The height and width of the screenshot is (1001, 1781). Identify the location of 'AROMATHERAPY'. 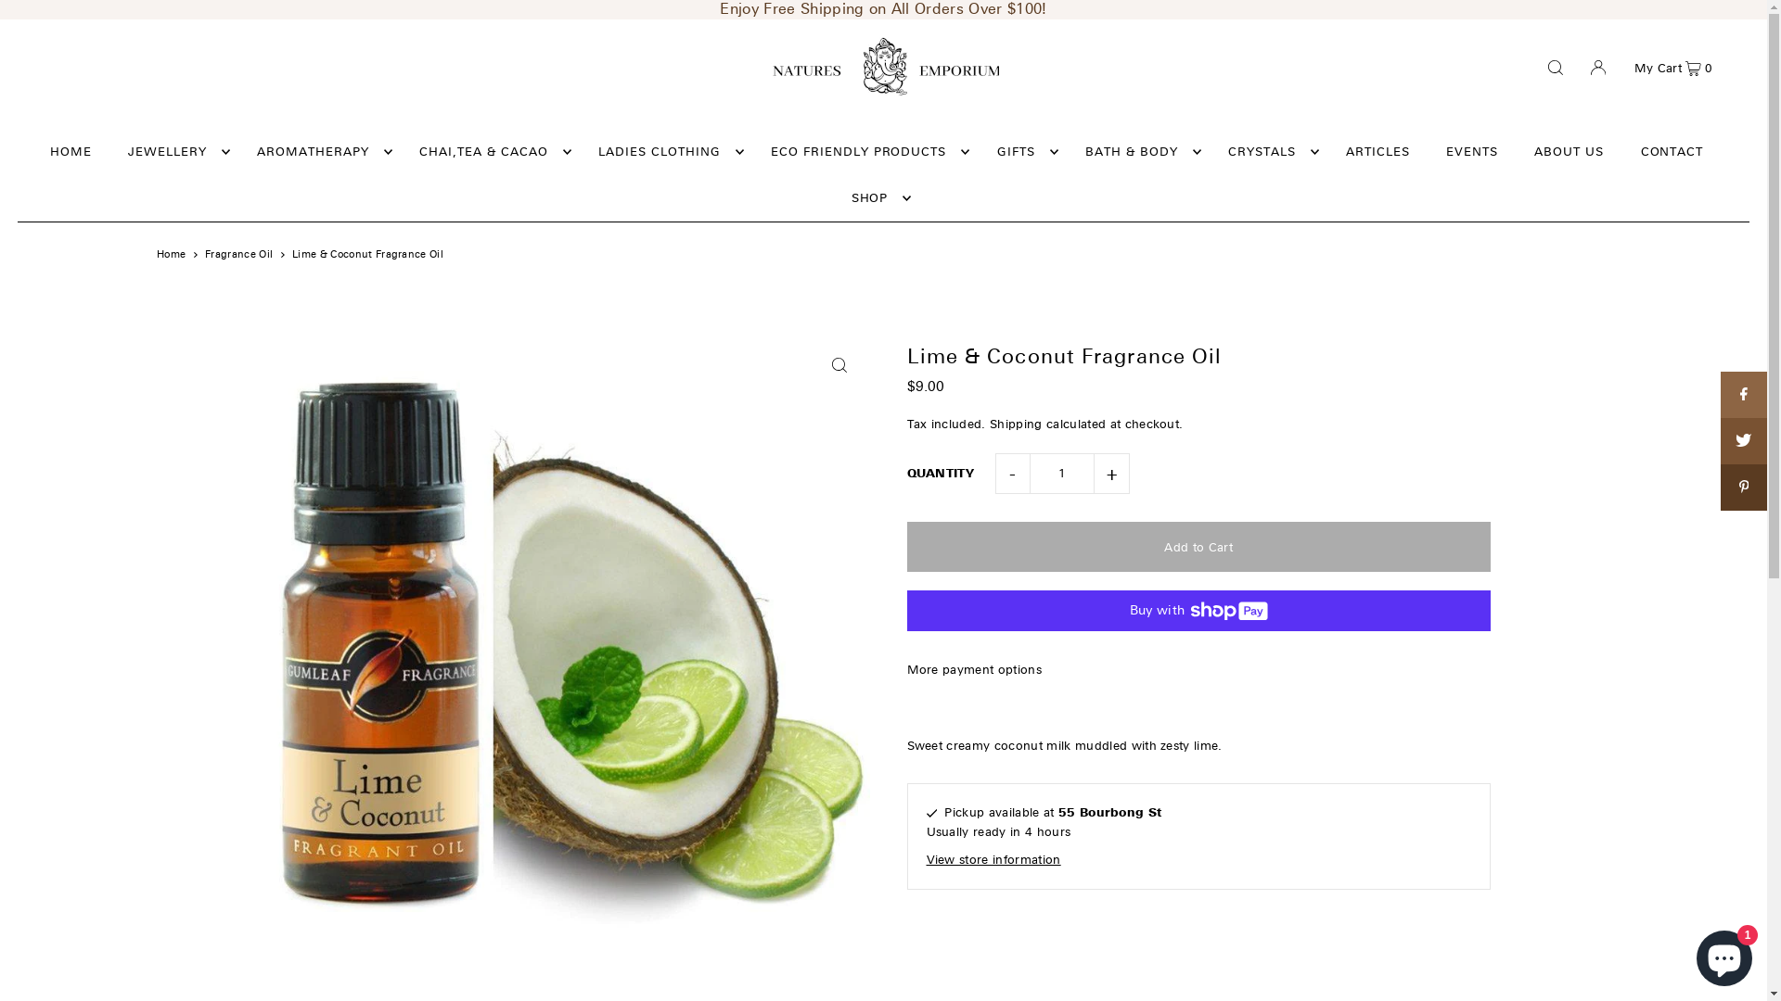
(320, 151).